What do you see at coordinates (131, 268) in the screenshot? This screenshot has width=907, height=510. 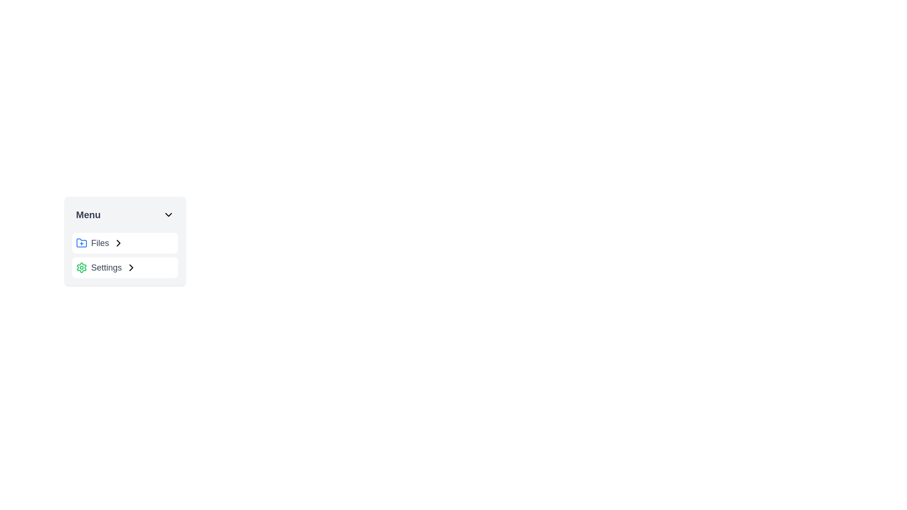 I see `the right-pointing black chevron icon next to the text 'Settings'` at bounding box center [131, 268].